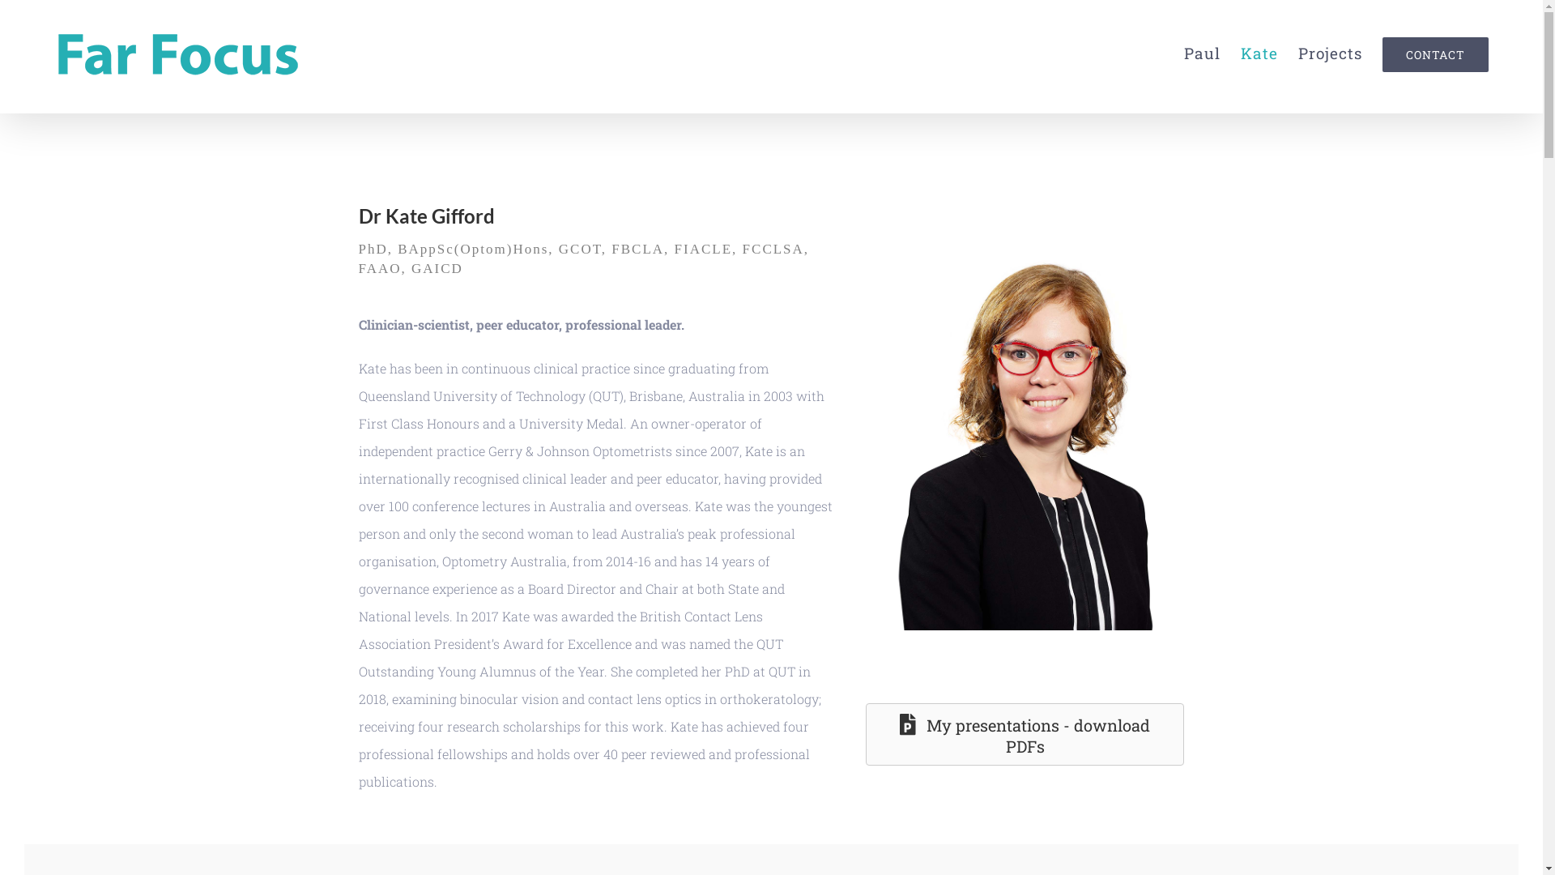 The height and width of the screenshot is (875, 1555). I want to click on 'Kate full profile', so click(1046, 436).